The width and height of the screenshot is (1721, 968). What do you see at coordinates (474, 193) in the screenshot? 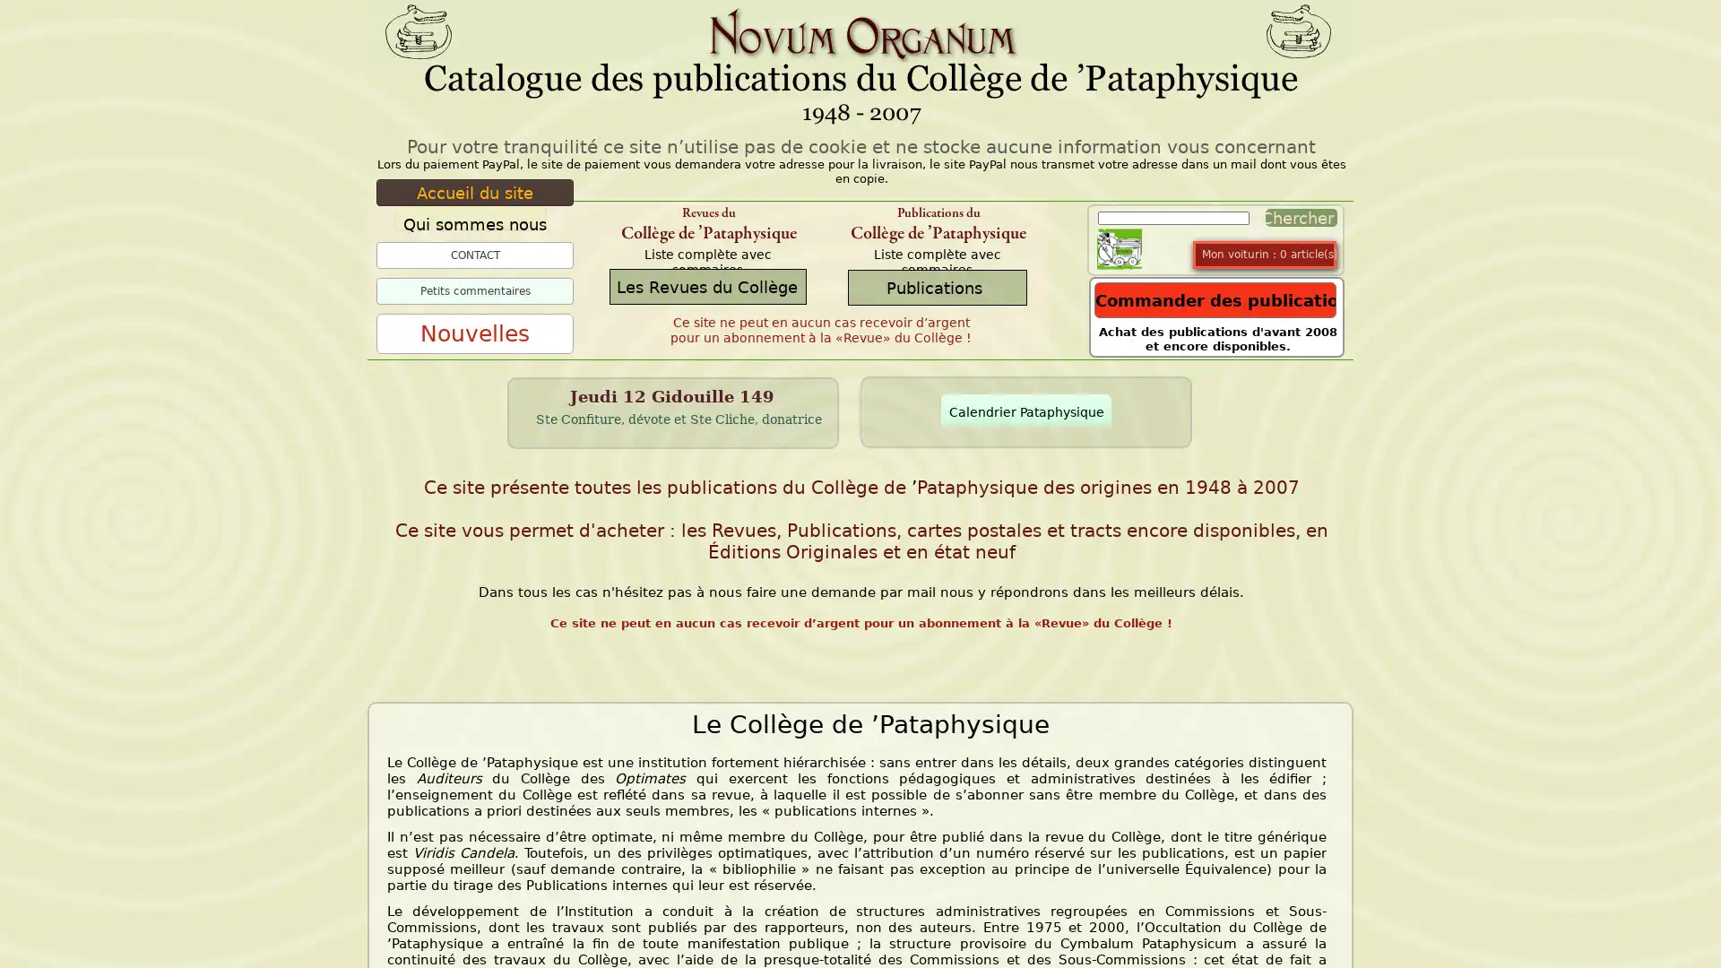
I see `Accueil du site` at bounding box center [474, 193].